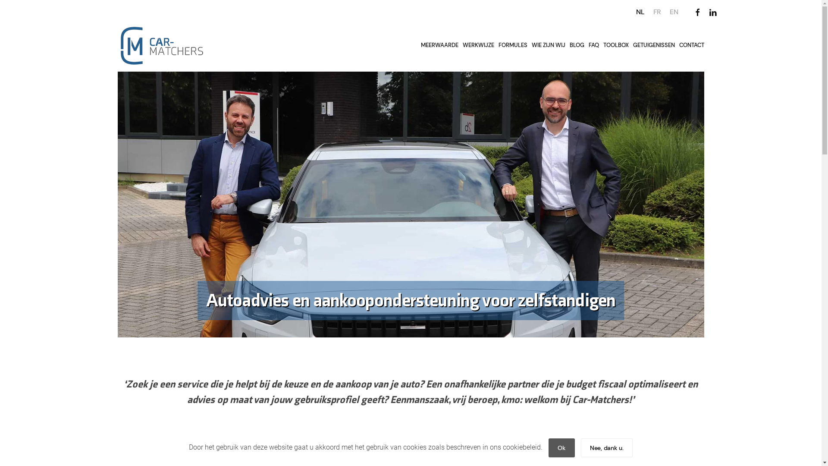 The height and width of the screenshot is (466, 828). I want to click on 'EN', so click(673, 12).